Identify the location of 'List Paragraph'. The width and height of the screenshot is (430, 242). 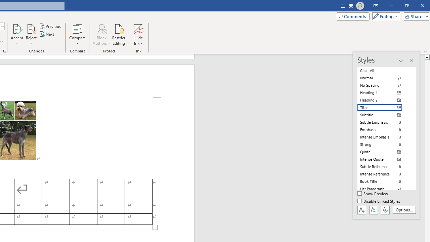
(384, 189).